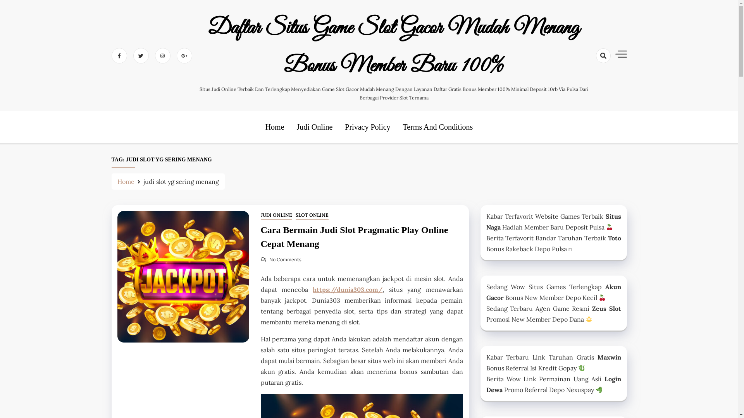  Describe the element at coordinates (367, 127) in the screenshot. I see `'Privacy Policy'` at that location.